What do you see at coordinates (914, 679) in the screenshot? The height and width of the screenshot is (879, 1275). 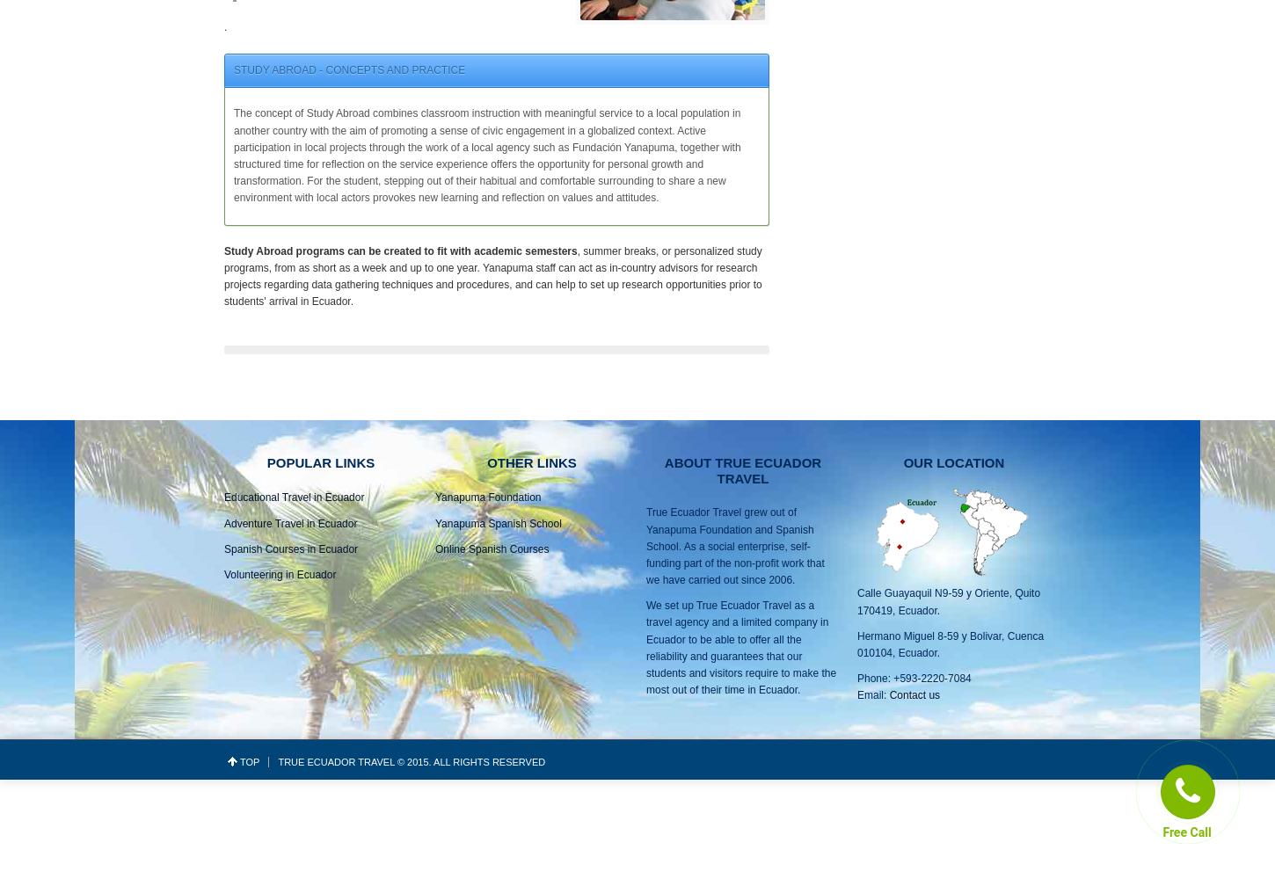 I see `'Phone: +593-2220-7084'` at bounding box center [914, 679].